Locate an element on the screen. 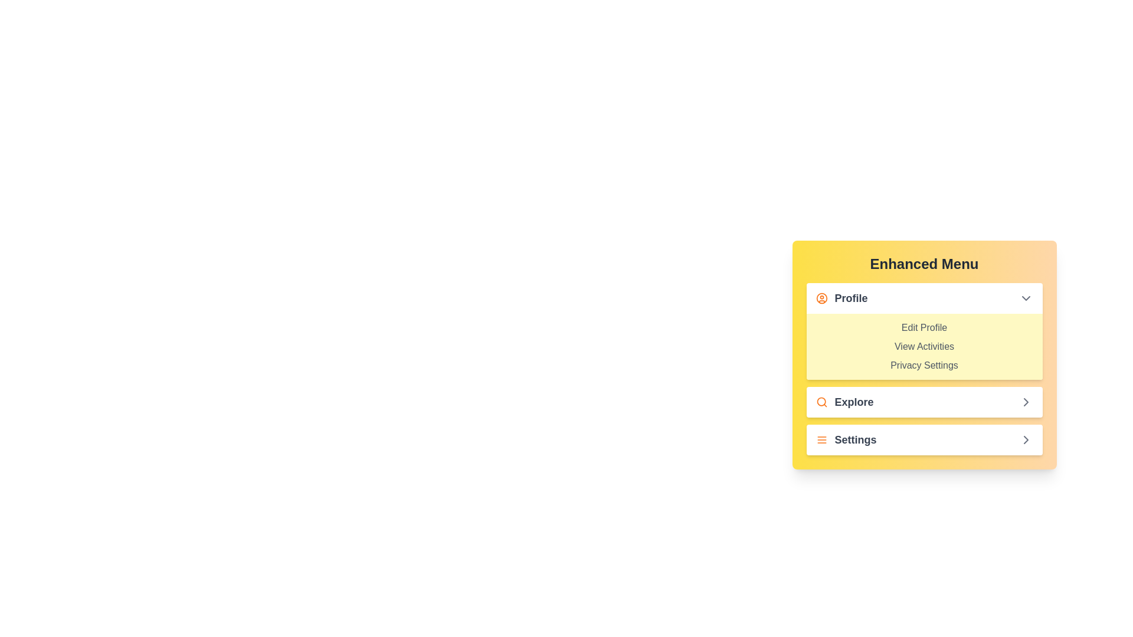 Image resolution: width=1133 pixels, height=637 pixels. the 'Explore' menu option located in the Enhanced Menu, which is the second item below 'Profile' and above 'Settings' is located at coordinates (844, 402).